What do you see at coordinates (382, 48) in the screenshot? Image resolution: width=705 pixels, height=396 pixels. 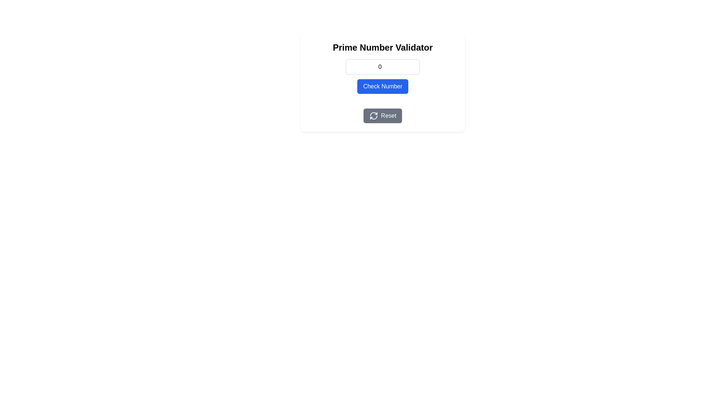 I see `the bold, centered text reading 'Prime Number Validator', which is prominently positioned above other interactive components` at bounding box center [382, 48].